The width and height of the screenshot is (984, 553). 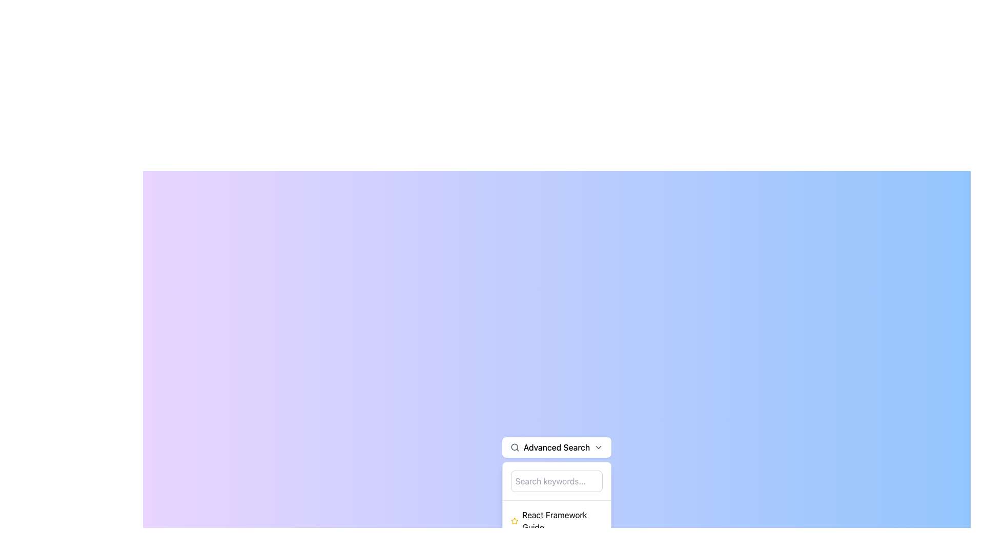 What do you see at coordinates (599, 447) in the screenshot?
I see `the chevron icon at the far-right end of the 'Advanced Search' button` at bounding box center [599, 447].